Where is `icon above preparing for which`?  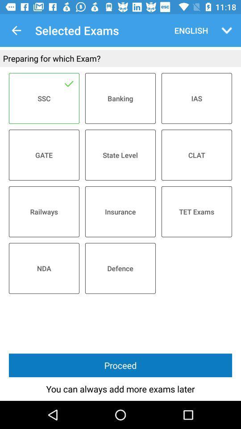
icon above preparing for which is located at coordinates (16, 30).